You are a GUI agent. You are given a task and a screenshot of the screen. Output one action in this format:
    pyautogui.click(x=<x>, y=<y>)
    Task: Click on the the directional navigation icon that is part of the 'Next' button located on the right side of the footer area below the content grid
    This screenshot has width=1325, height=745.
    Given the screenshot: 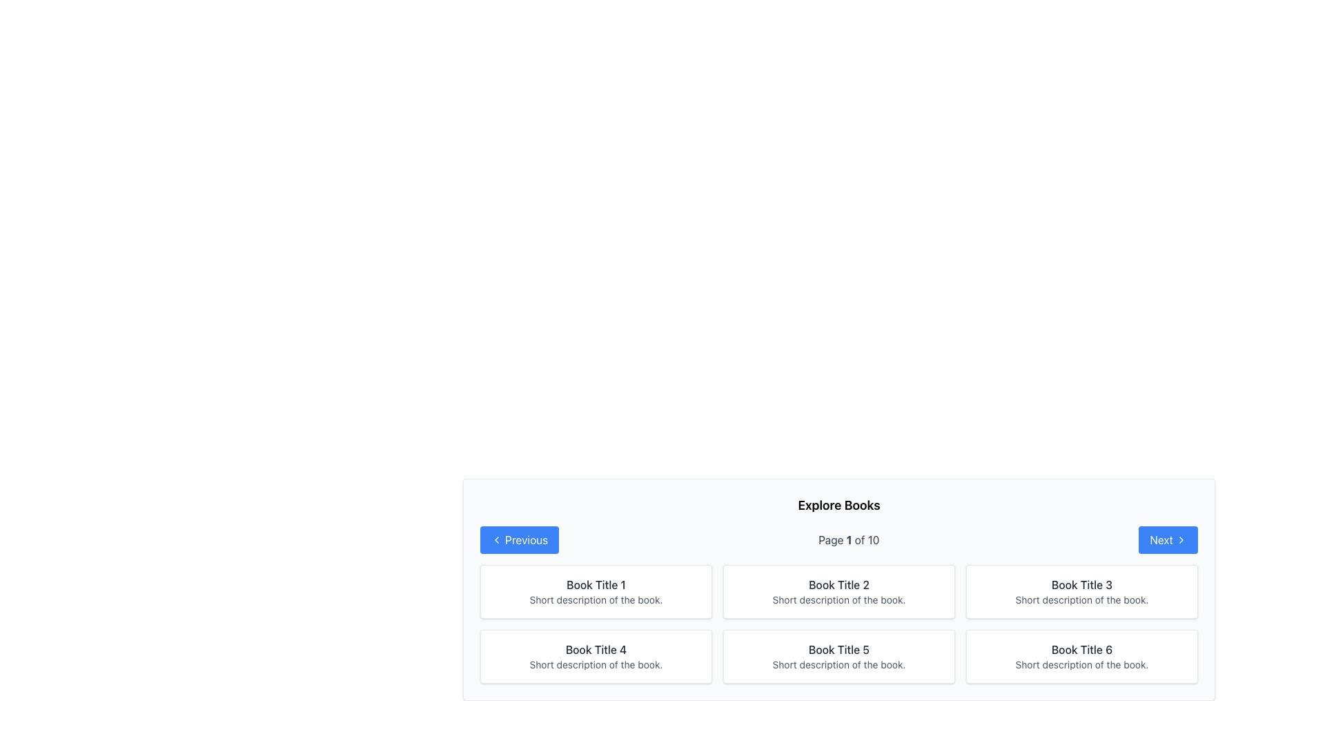 What is the action you would take?
    pyautogui.click(x=1181, y=539)
    